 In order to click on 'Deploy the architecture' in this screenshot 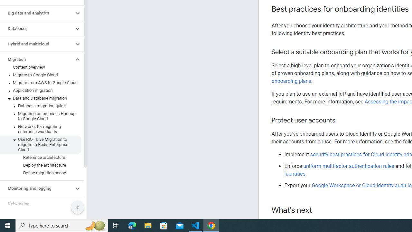, I will do `click(40, 165)`.